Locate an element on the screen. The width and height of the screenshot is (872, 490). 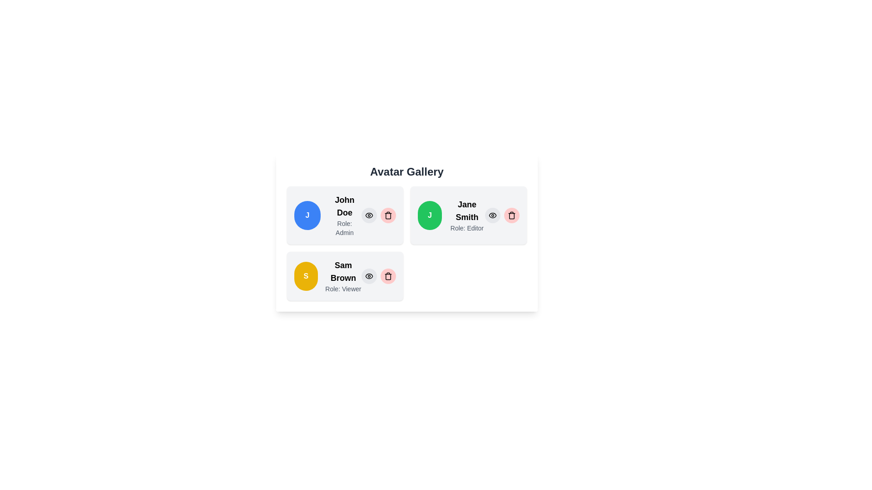
the circular avatar with a bold white letter 'J' centered inside it, which has a blue background and is positioned in the upper-left card of the layout is located at coordinates (307, 215).